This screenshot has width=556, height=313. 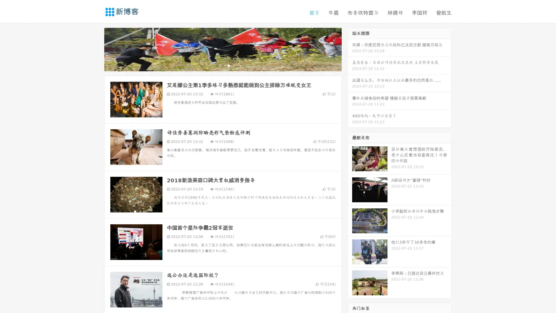 I want to click on Next slide, so click(x=350, y=49).